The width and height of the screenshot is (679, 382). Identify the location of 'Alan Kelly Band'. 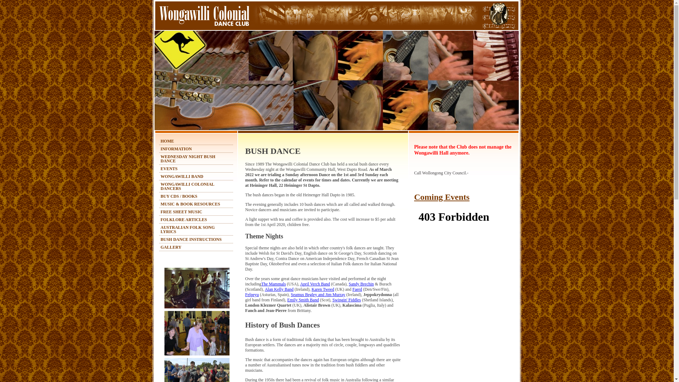
(279, 289).